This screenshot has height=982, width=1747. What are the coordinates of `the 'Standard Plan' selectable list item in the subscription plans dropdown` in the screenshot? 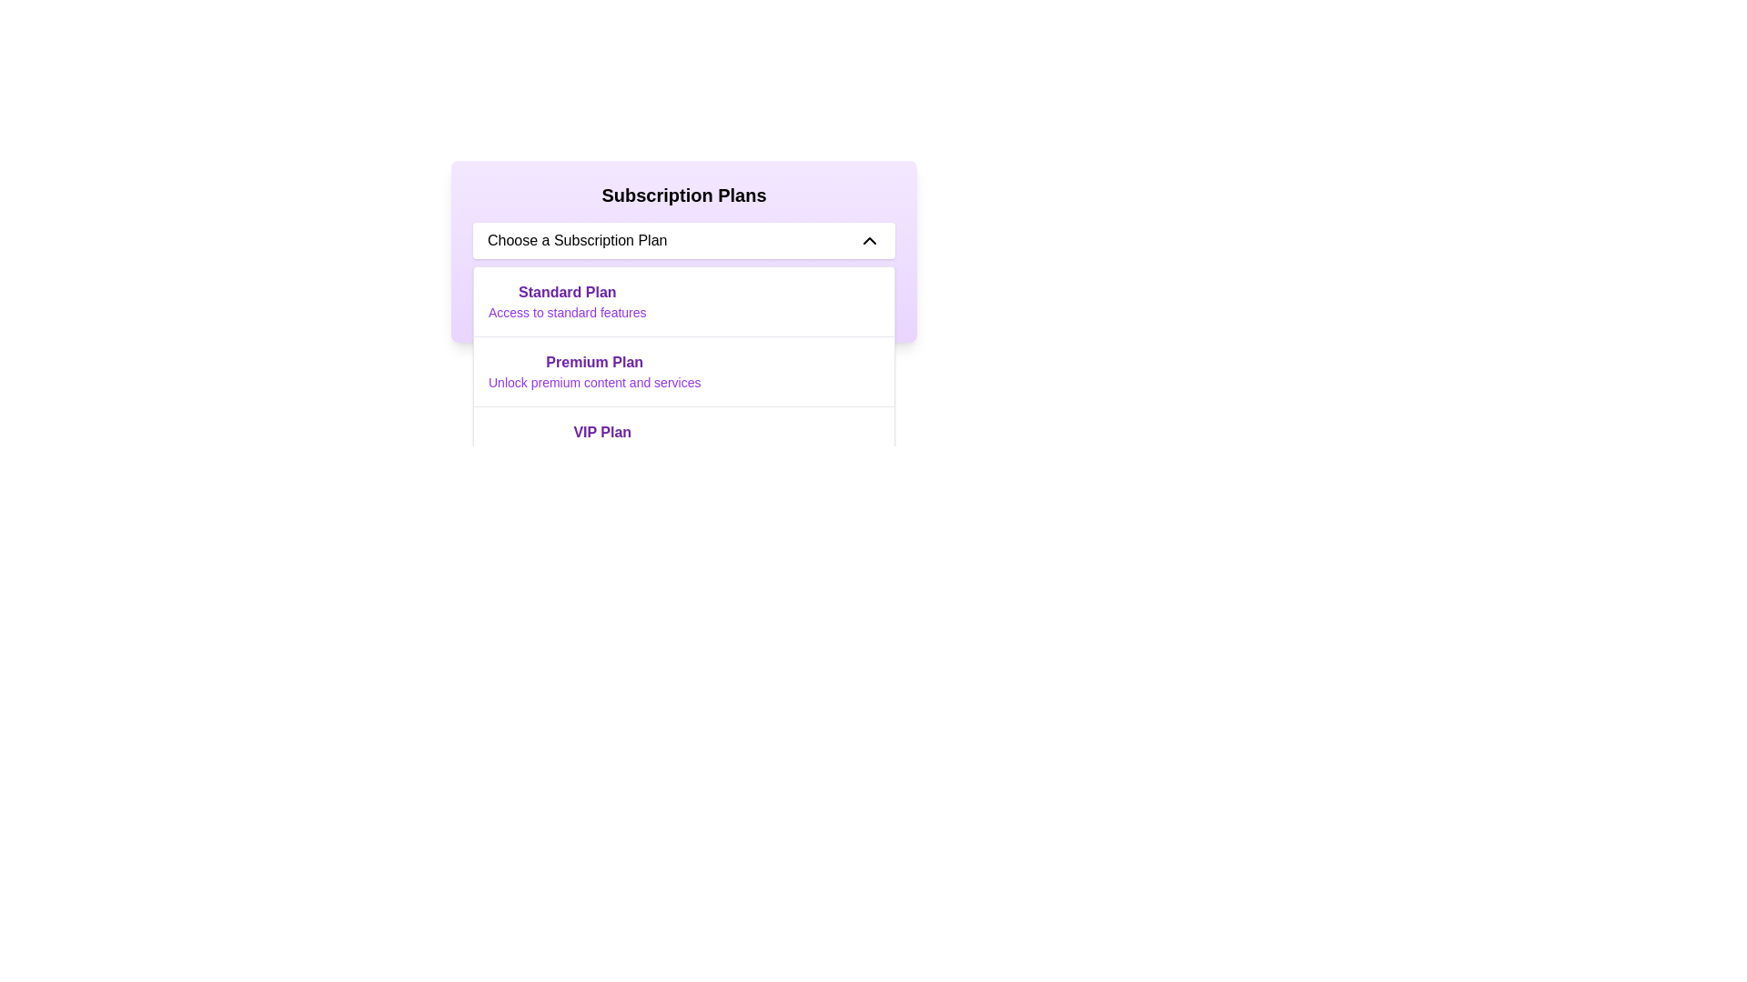 It's located at (566, 300).